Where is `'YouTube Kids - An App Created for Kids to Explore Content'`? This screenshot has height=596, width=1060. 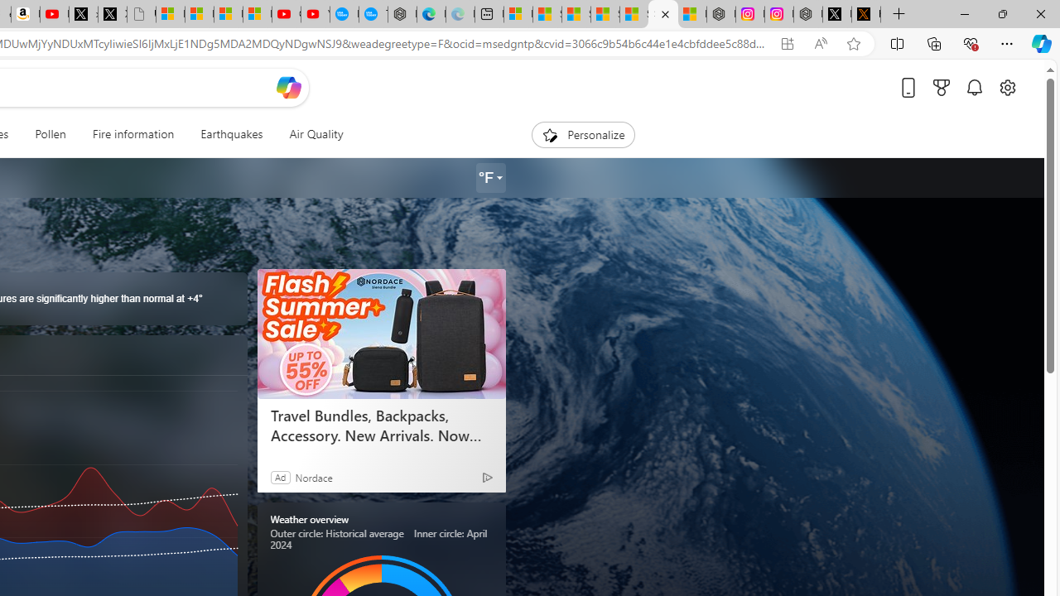
'YouTube Kids - An App Created for Kids to Explore Content' is located at coordinates (315, 14).